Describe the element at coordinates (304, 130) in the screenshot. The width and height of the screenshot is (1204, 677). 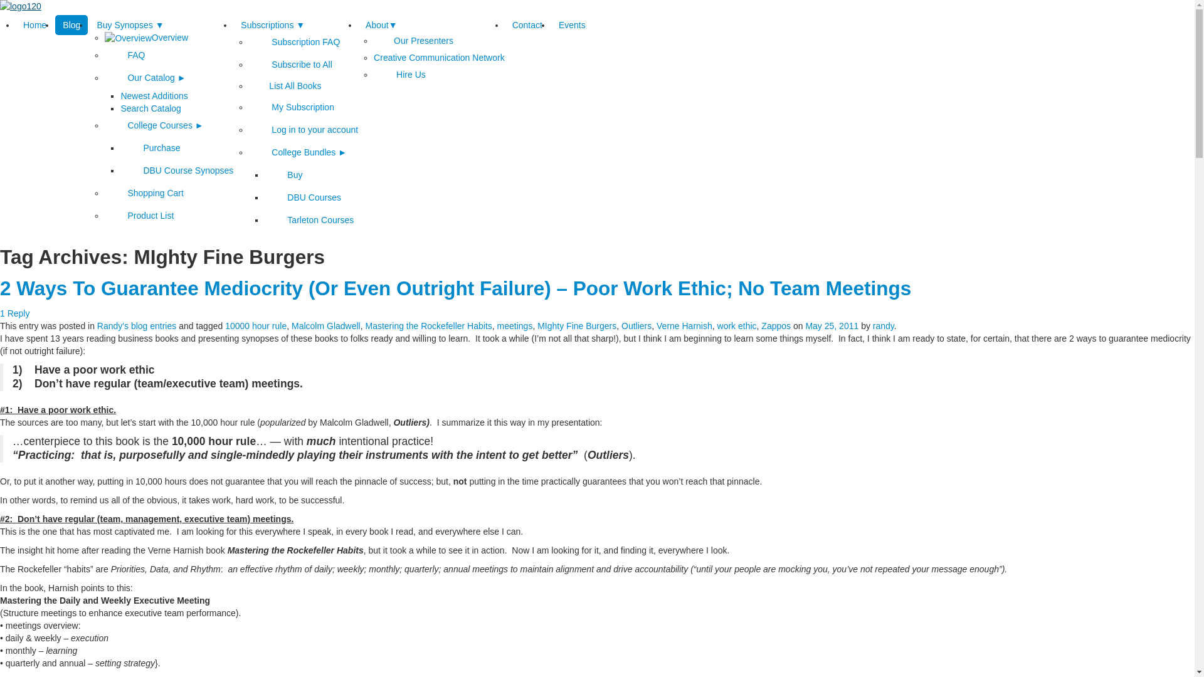
I see `'Log in to your account'` at that location.